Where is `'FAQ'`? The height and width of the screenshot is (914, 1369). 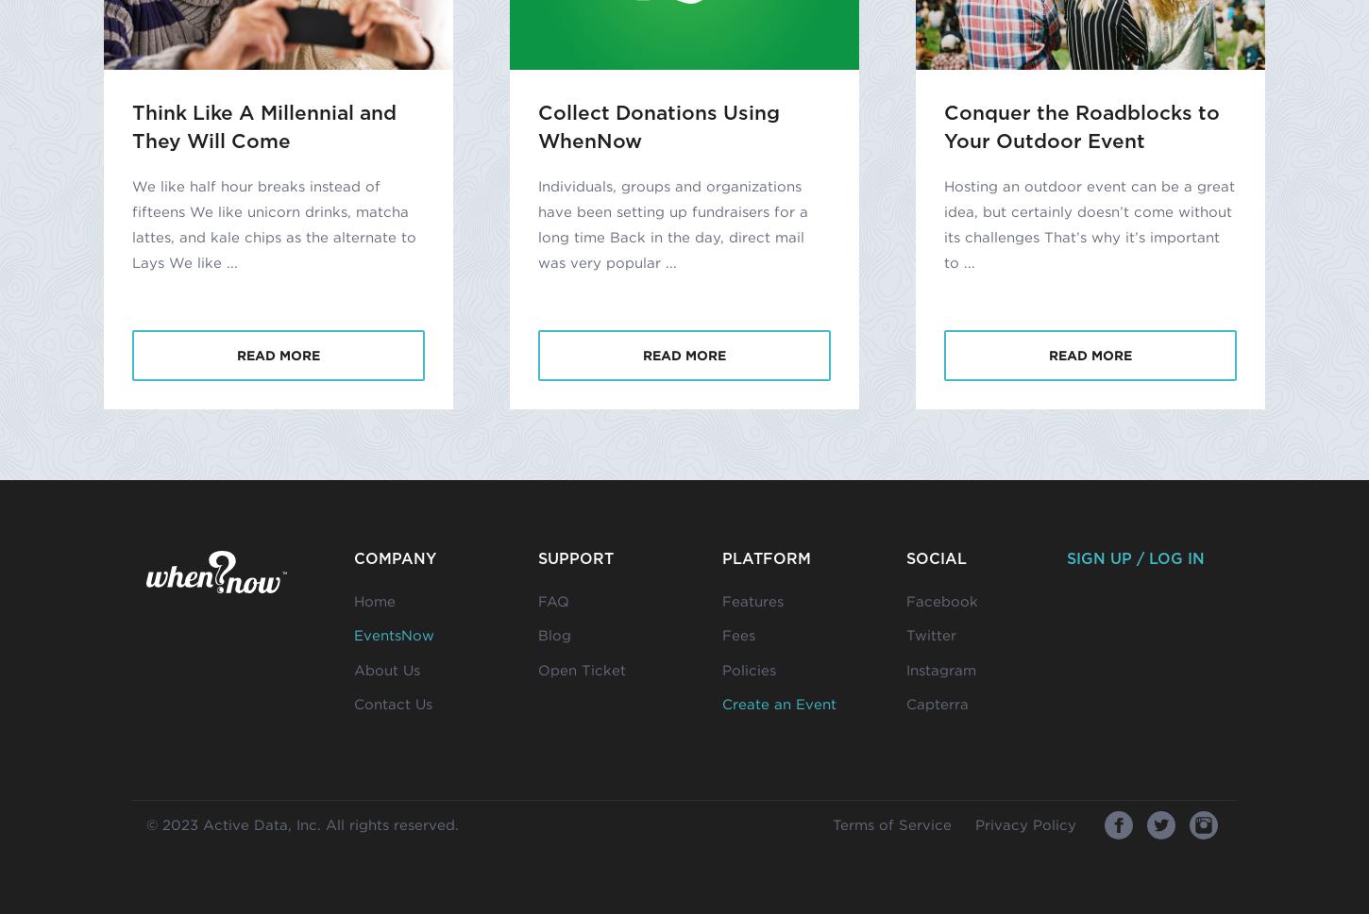
'FAQ' is located at coordinates (553, 599).